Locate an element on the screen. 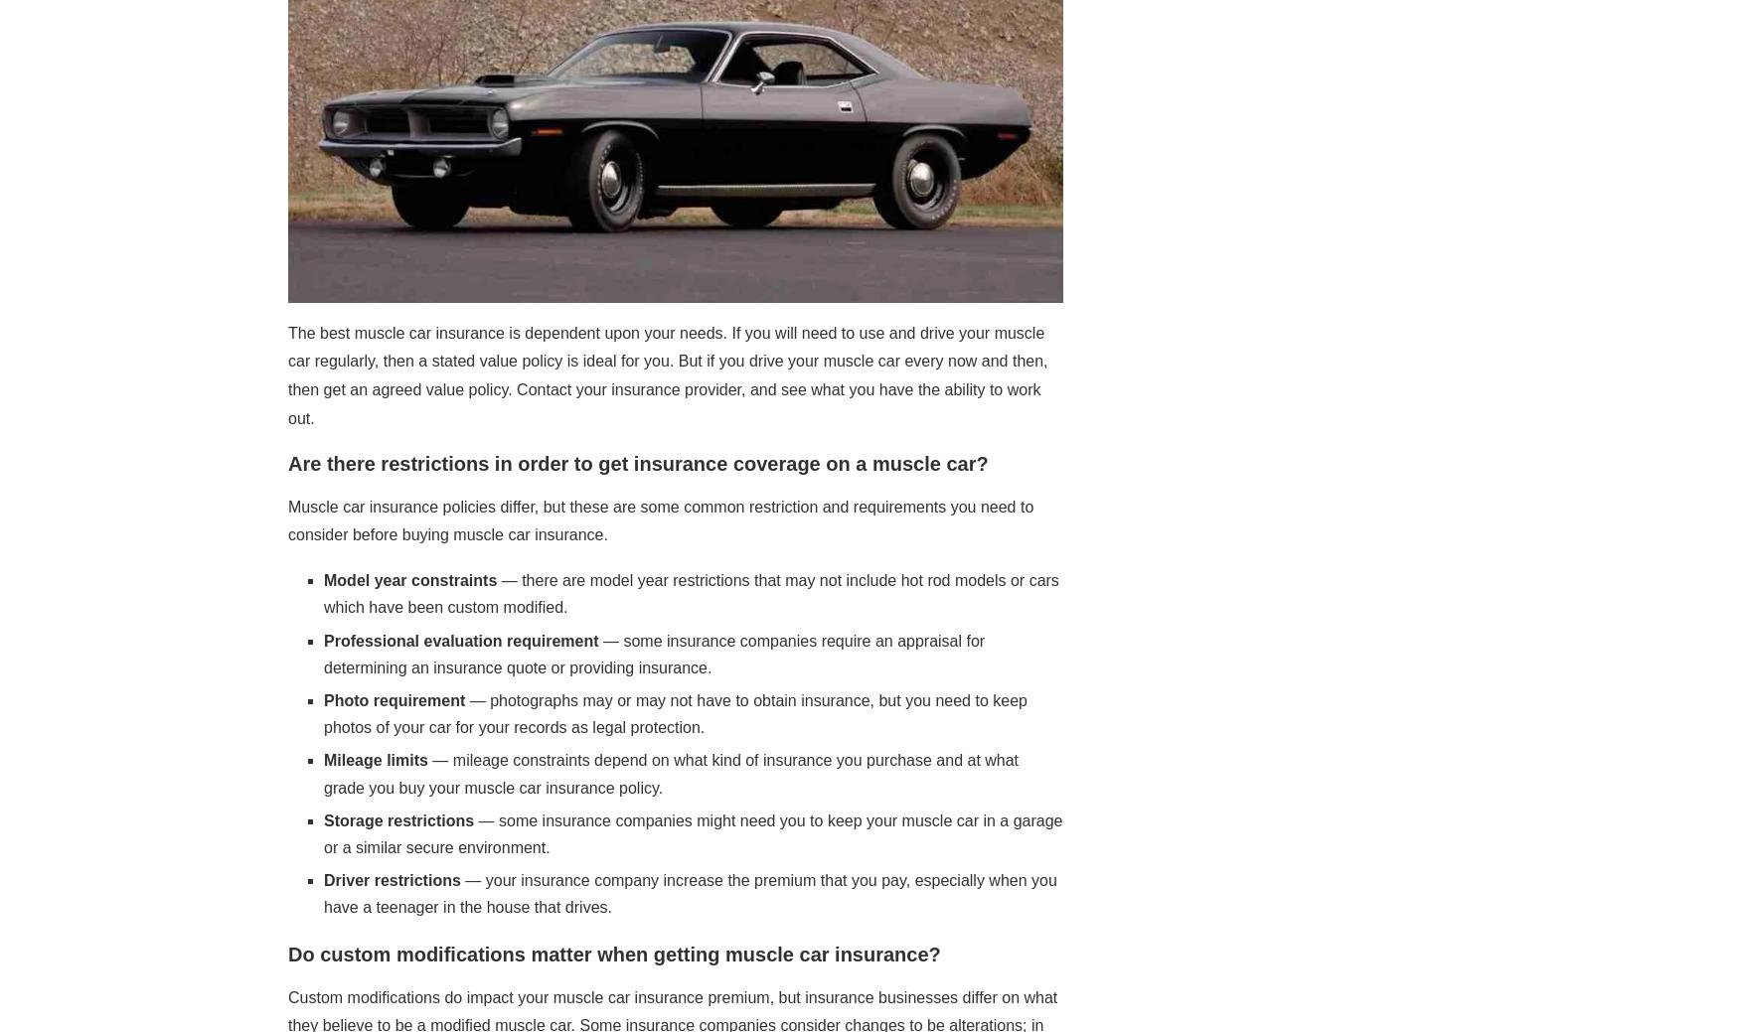  '— some insurance companies might need you to keep your muscle car in a garage or a similar secure environment.' is located at coordinates (693, 831).